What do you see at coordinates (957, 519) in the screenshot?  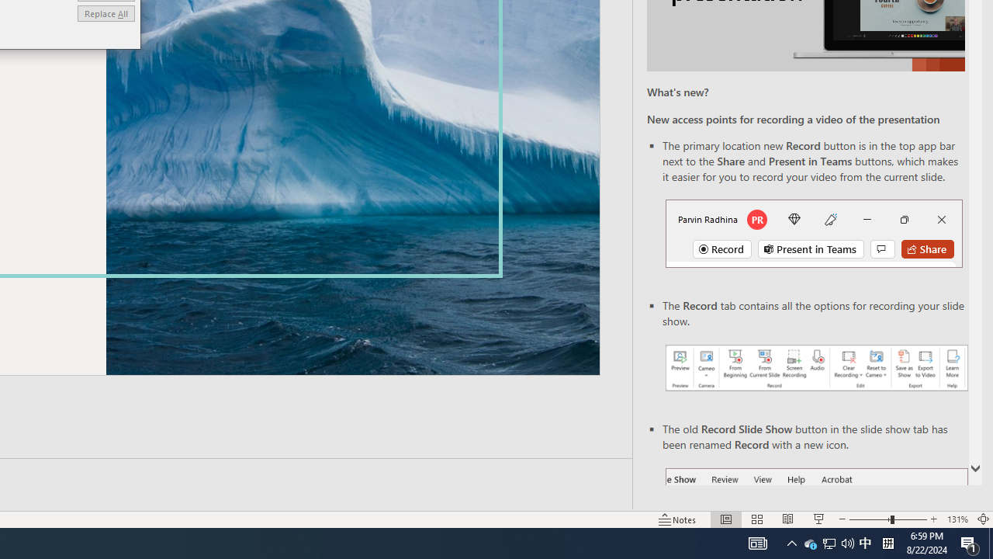 I see `'Zoom 131%'` at bounding box center [957, 519].